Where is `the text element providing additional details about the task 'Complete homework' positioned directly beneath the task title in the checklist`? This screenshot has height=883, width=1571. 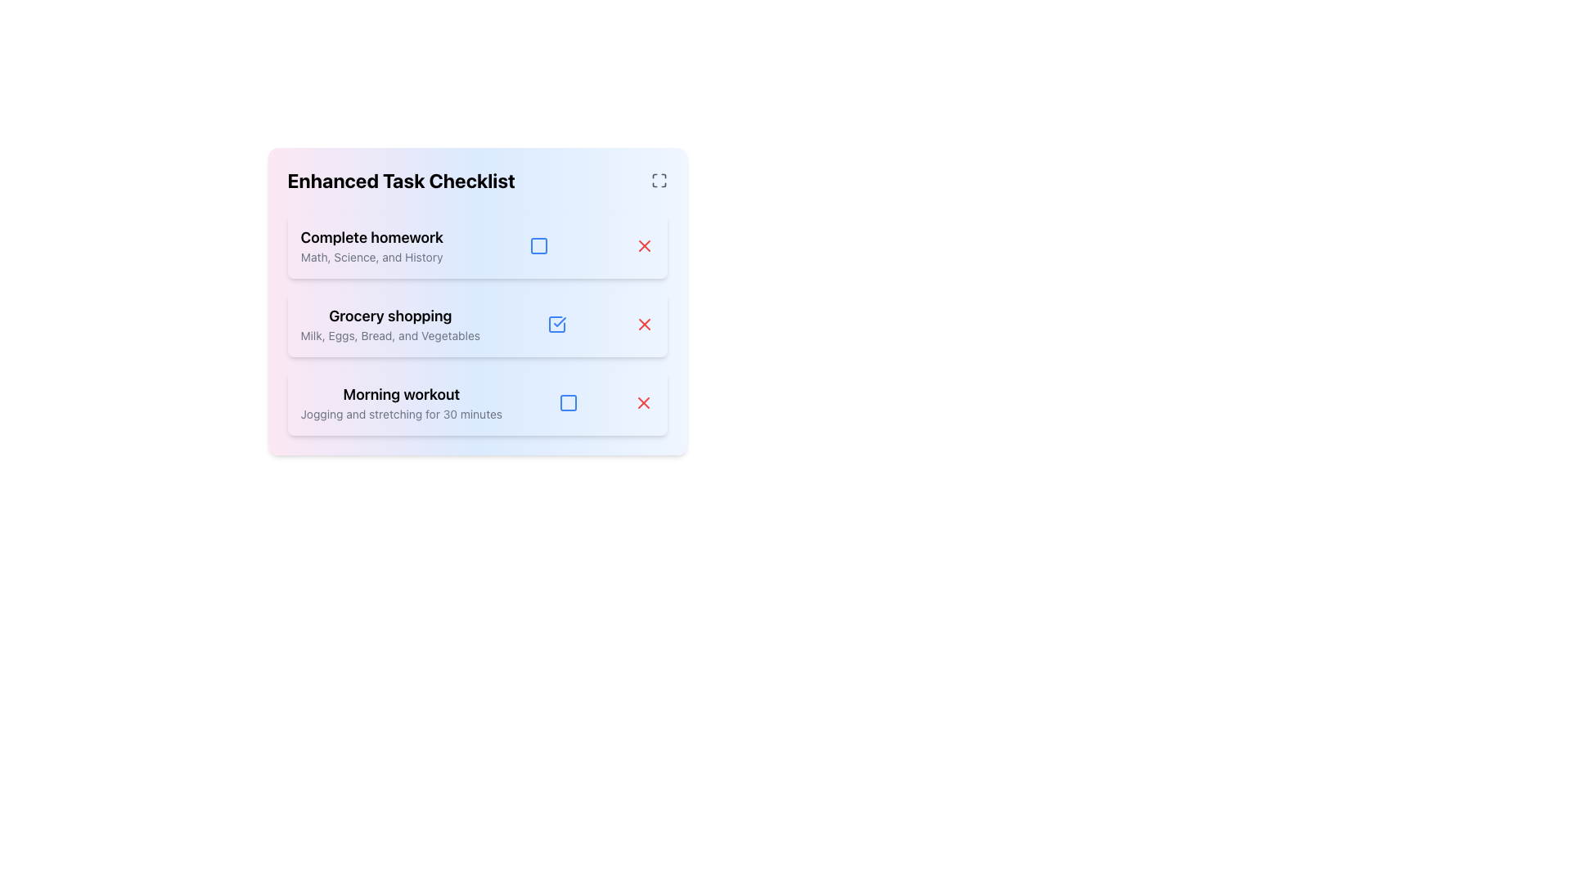
the text element providing additional details about the task 'Complete homework' positioned directly beneath the task title in the checklist is located at coordinates (371, 258).